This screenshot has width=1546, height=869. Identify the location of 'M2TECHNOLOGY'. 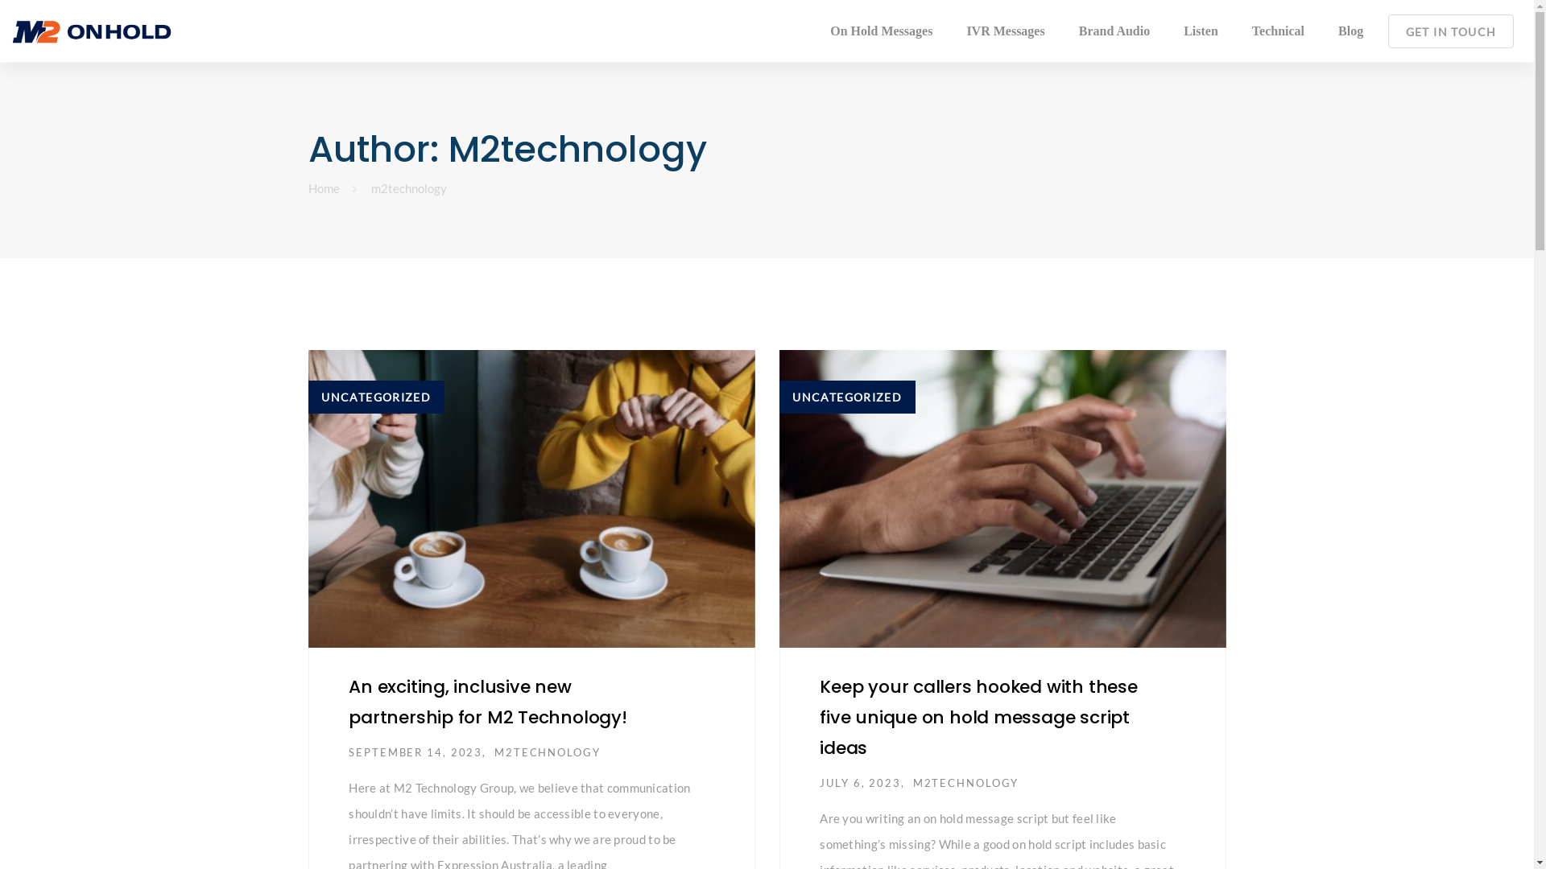
(912, 782).